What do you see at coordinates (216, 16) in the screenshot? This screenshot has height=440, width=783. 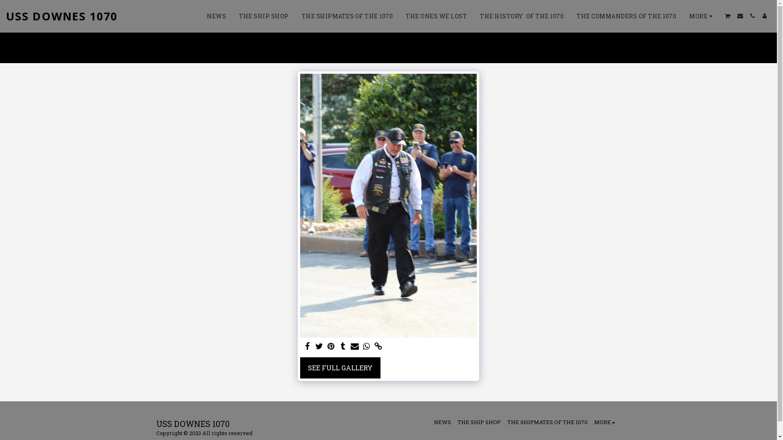 I see `'NEWS'` at bounding box center [216, 16].